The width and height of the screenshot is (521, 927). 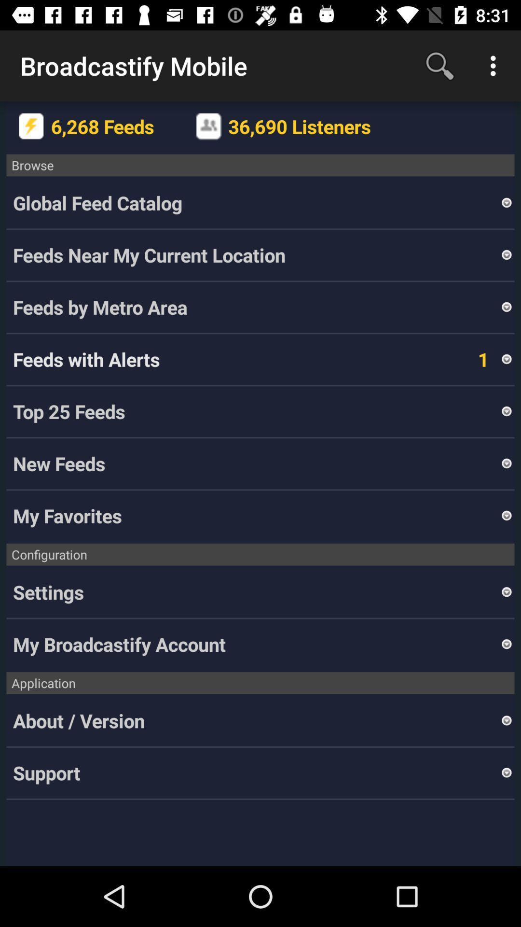 I want to click on the icon next to the feeds near my item, so click(x=506, y=255).